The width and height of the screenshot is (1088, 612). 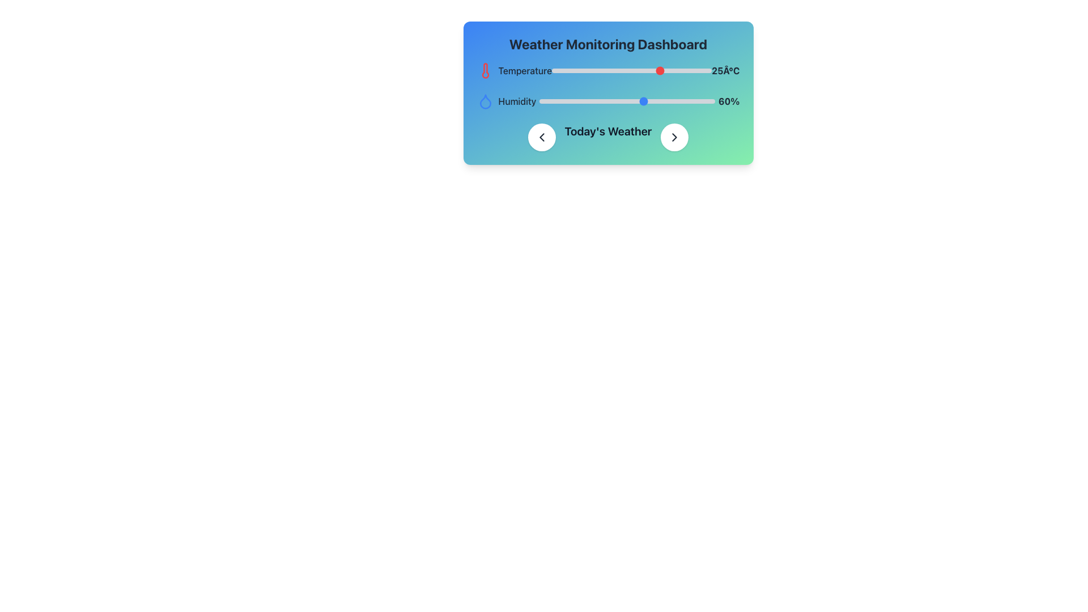 What do you see at coordinates (541, 137) in the screenshot?
I see `the leftward-pointing chevron icon, which has a thick black outline and is part of a minimalist circular button located on the left side of a pair of navigation buttons at the center-bottom of the weather dashboard interface` at bounding box center [541, 137].